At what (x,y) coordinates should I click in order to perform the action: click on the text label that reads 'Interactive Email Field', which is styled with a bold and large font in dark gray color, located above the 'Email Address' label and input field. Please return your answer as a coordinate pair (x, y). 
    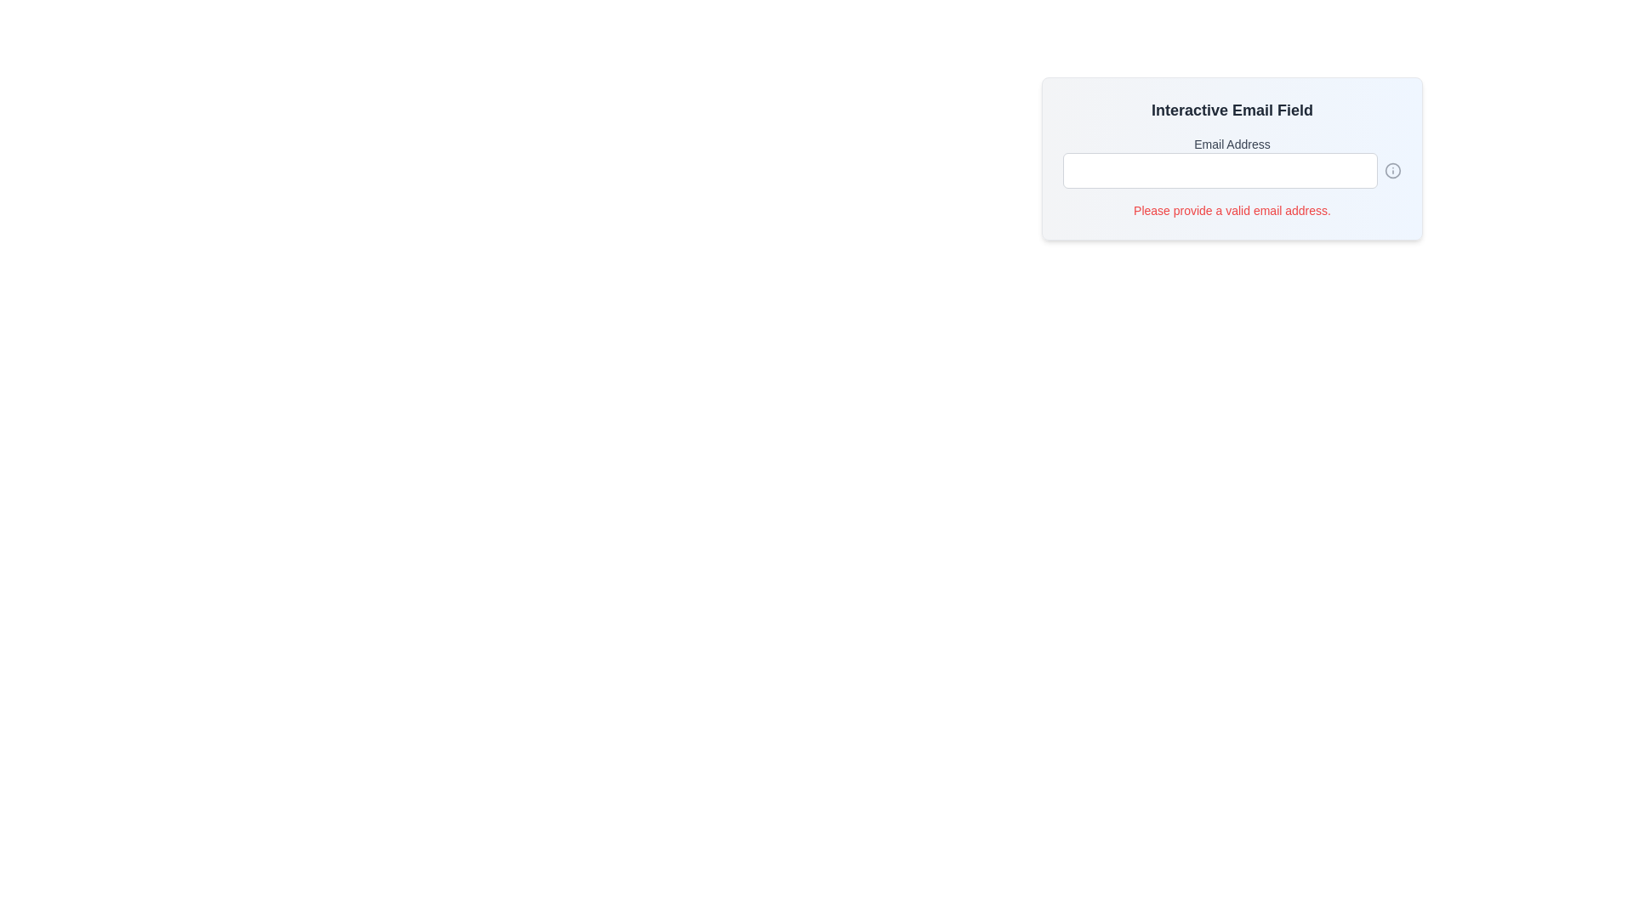
    Looking at the image, I should click on (1232, 110).